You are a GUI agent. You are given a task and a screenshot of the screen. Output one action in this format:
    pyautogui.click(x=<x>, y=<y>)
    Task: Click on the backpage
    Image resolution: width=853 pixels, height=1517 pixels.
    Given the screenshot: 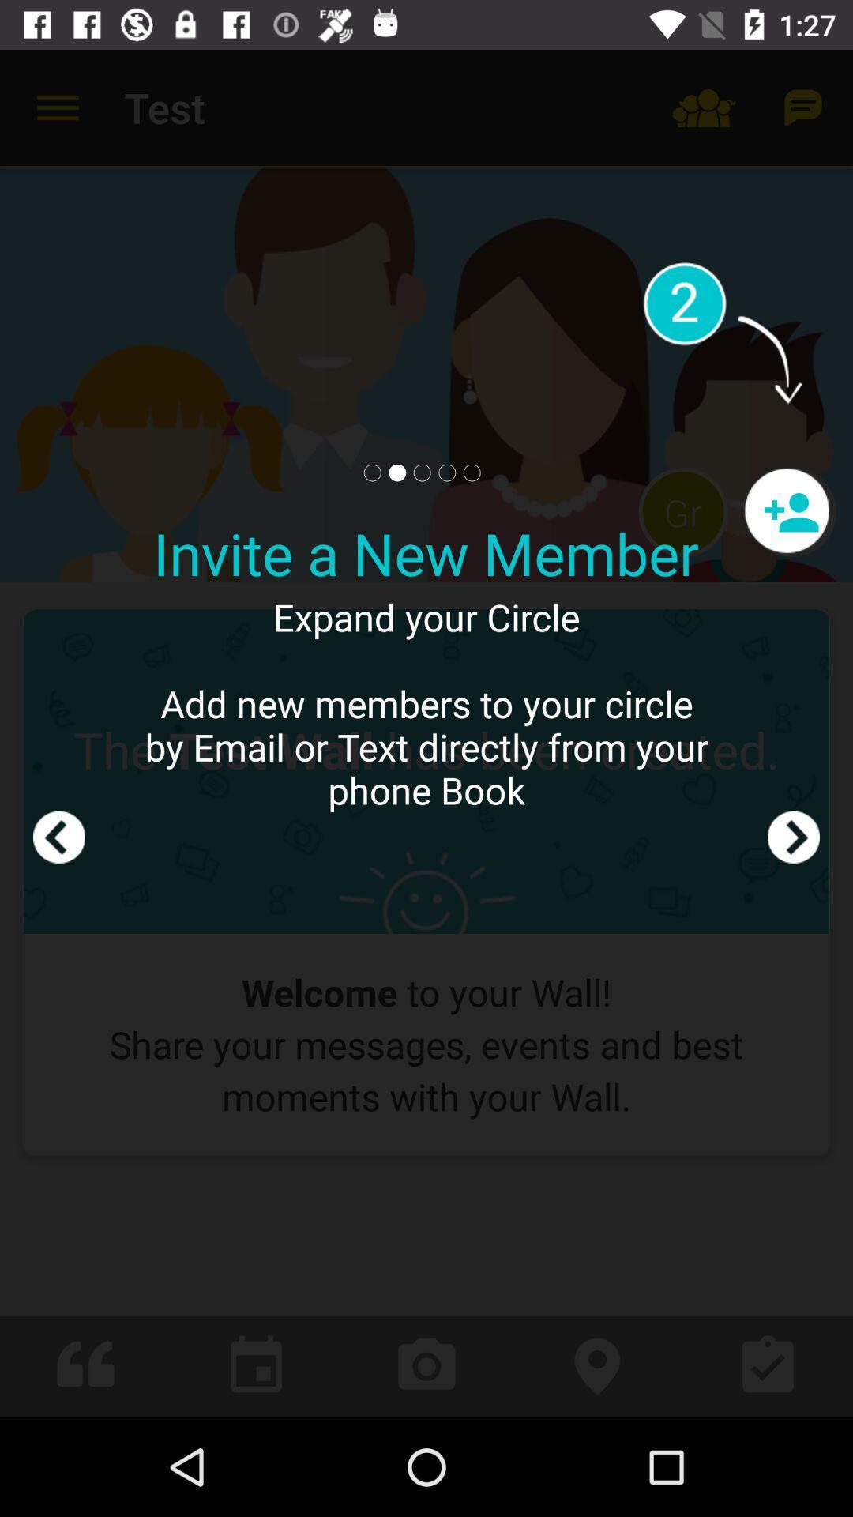 What is the action you would take?
    pyautogui.click(x=58, y=732)
    